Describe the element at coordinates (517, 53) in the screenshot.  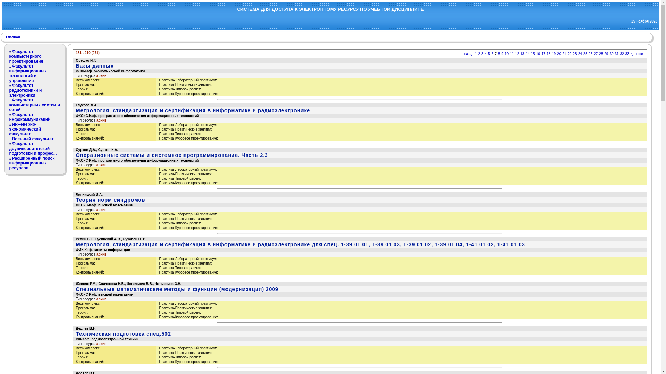
I see `'12'` at that location.